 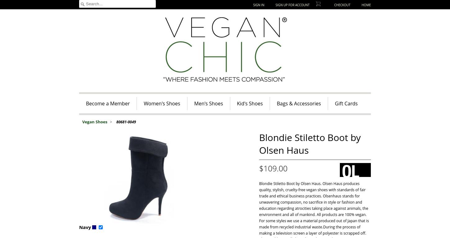 What do you see at coordinates (346, 103) in the screenshot?
I see `'Gift Cards'` at bounding box center [346, 103].